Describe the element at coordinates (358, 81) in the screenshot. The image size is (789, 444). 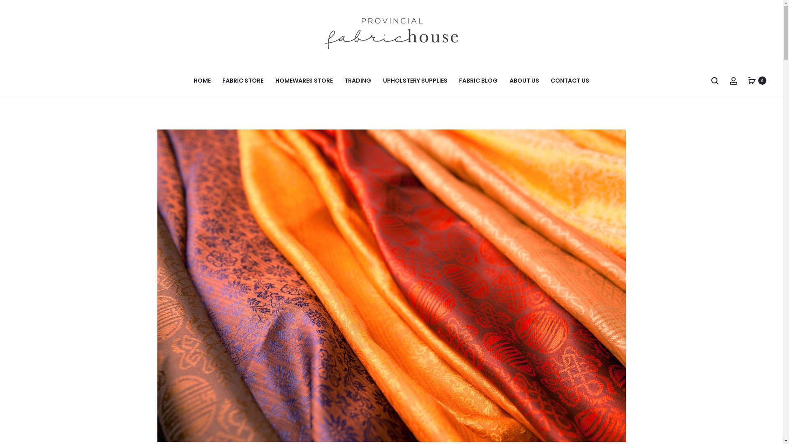
I see `'TRADING'` at that location.